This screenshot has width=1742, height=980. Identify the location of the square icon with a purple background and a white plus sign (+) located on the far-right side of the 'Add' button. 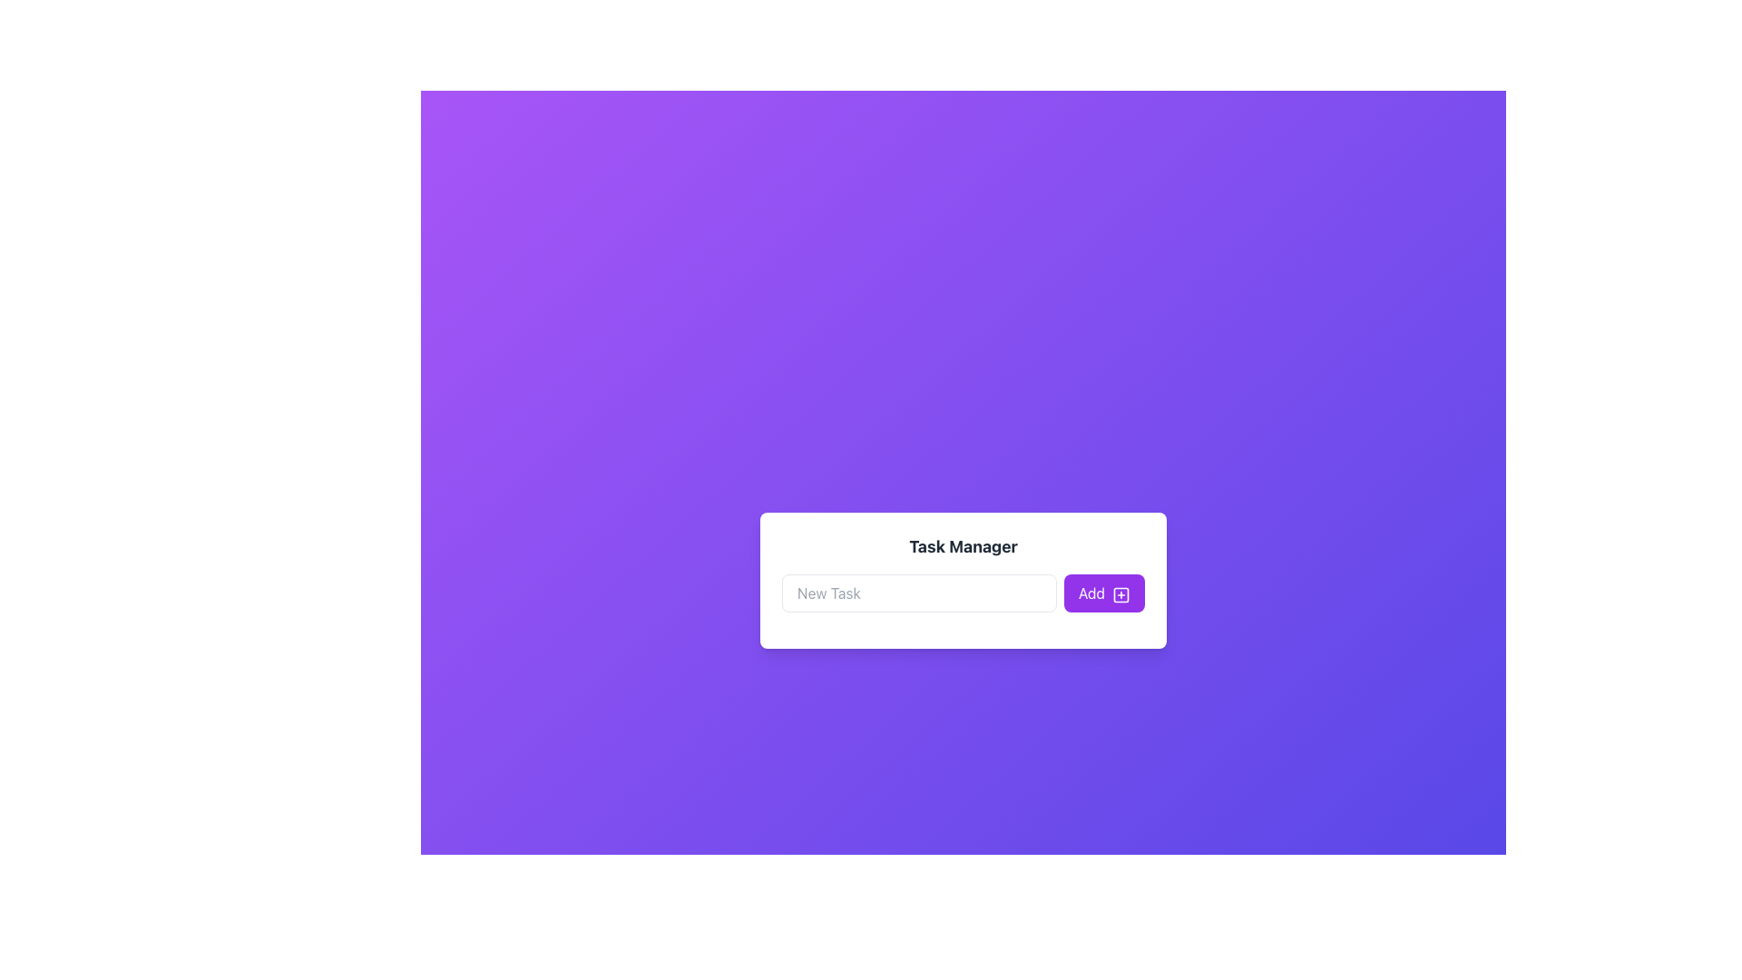
(1121, 594).